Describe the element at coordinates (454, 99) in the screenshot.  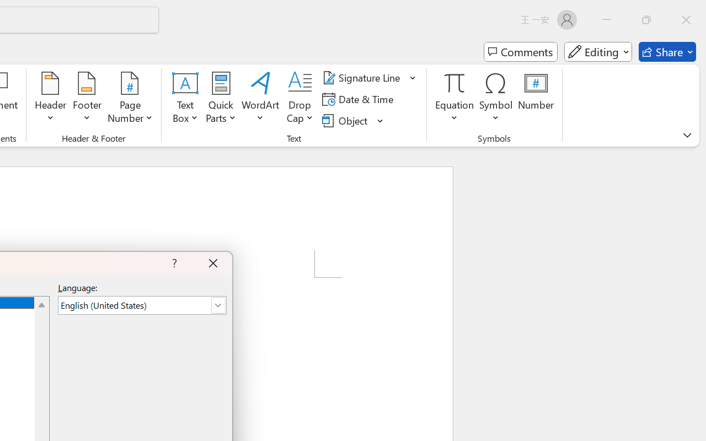
I see `'Equation'` at that location.